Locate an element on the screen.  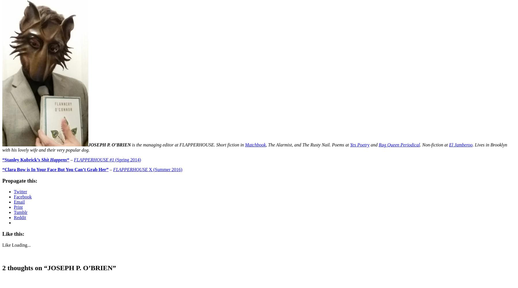
'Print' is located at coordinates (18, 207).